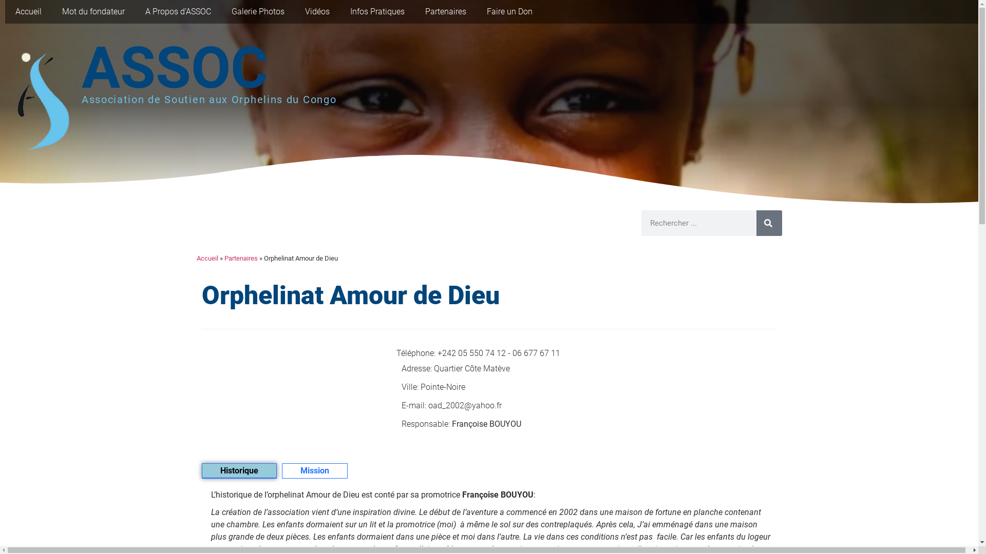 The image size is (986, 554). Describe the element at coordinates (509, 12) in the screenshot. I see `'Faire un Don'` at that location.